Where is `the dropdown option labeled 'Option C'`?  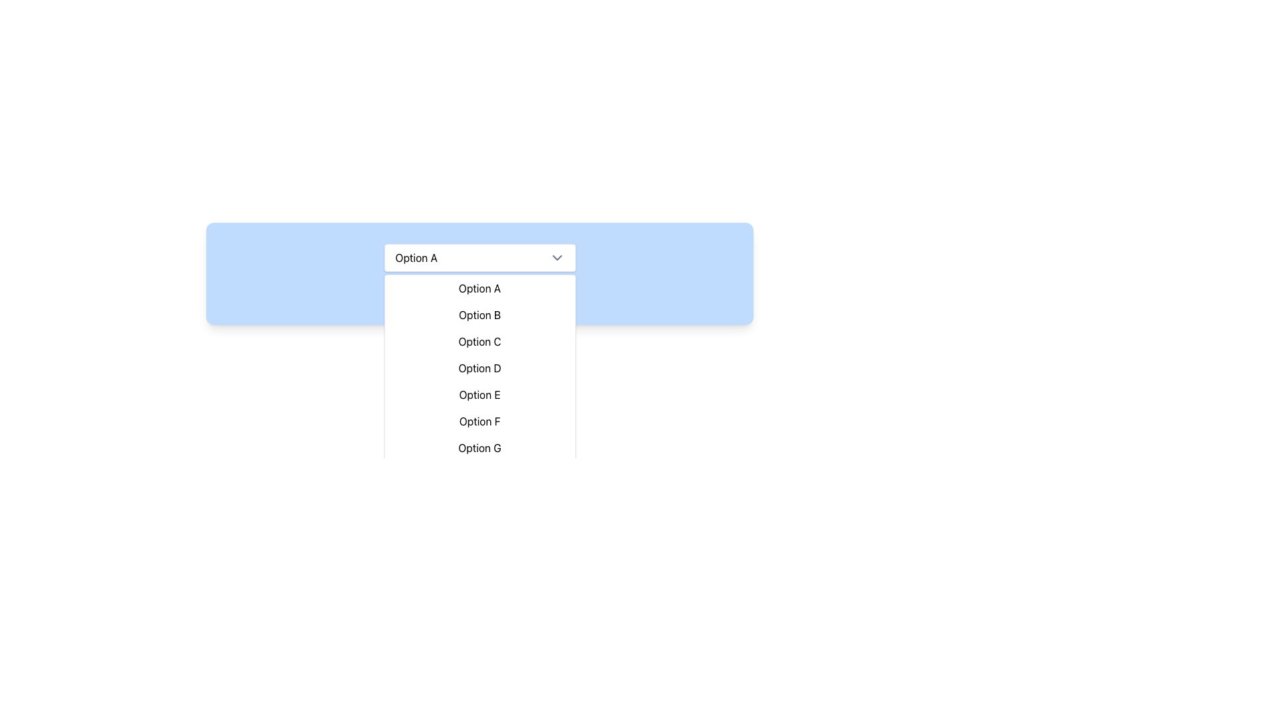 the dropdown option labeled 'Option C' is located at coordinates (479, 340).